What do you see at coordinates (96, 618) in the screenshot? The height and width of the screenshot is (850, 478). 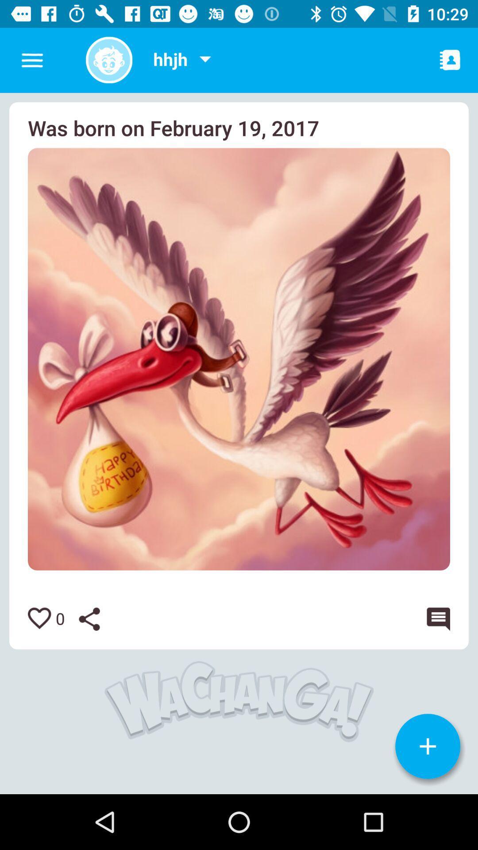 I see `share image` at bounding box center [96, 618].